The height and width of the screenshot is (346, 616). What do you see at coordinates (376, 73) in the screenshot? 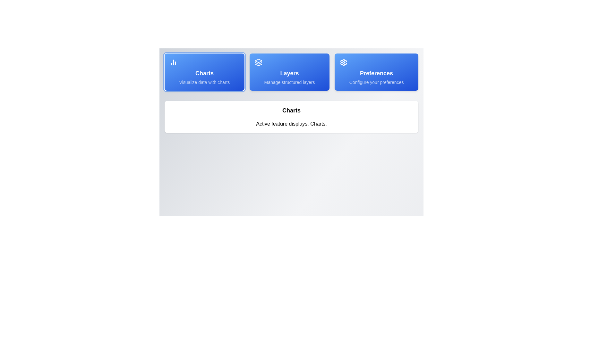
I see `text label indicating user preferences configuration, which is located in the third item of a horizontal menu, directly below the settings icon` at bounding box center [376, 73].